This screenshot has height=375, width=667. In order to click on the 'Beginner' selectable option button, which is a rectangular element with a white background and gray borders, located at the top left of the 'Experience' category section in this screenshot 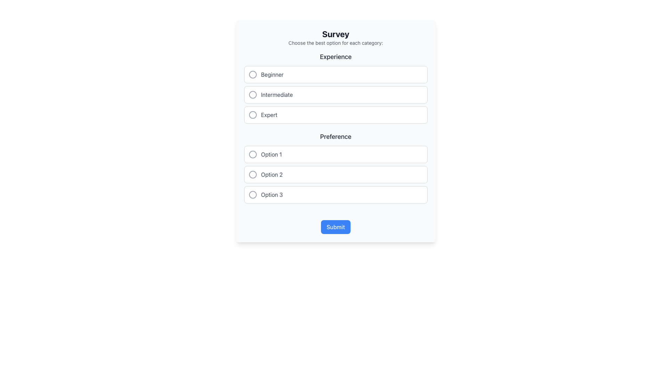, I will do `click(336, 75)`.